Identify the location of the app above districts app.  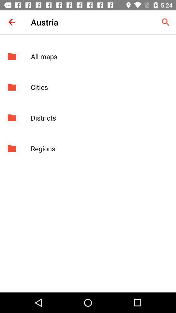
(100, 87).